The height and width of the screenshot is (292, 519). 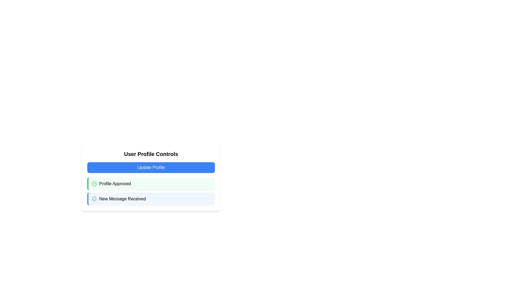 What do you see at coordinates (94, 198) in the screenshot?
I see `the vector graphic element that forms part of the bell icon representing notifications, located in the bottom-right portion of the interface, adjacent to the 'New Message Received' section` at bounding box center [94, 198].